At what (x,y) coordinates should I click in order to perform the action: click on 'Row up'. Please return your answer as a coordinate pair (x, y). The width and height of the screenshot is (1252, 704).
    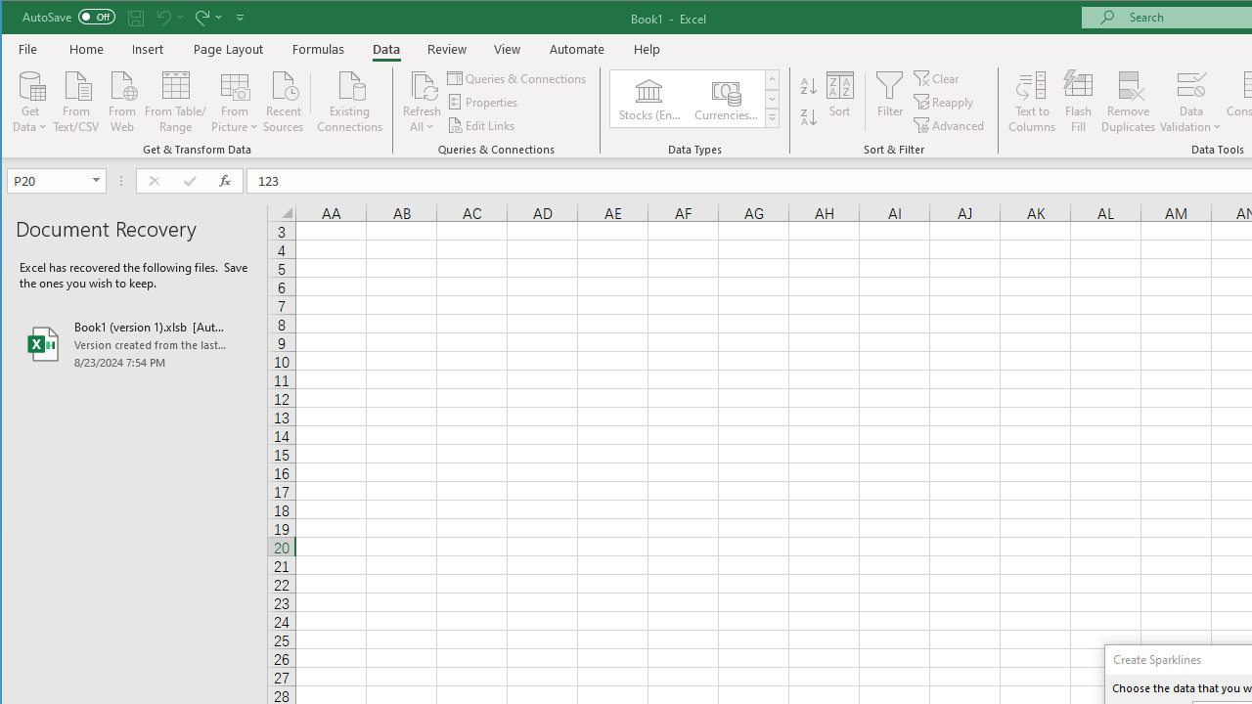
    Looking at the image, I should click on (771, 78).